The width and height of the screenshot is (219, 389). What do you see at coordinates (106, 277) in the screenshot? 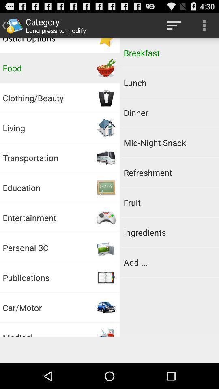
I see `icon right to publications` at bounding box center [106, 277].